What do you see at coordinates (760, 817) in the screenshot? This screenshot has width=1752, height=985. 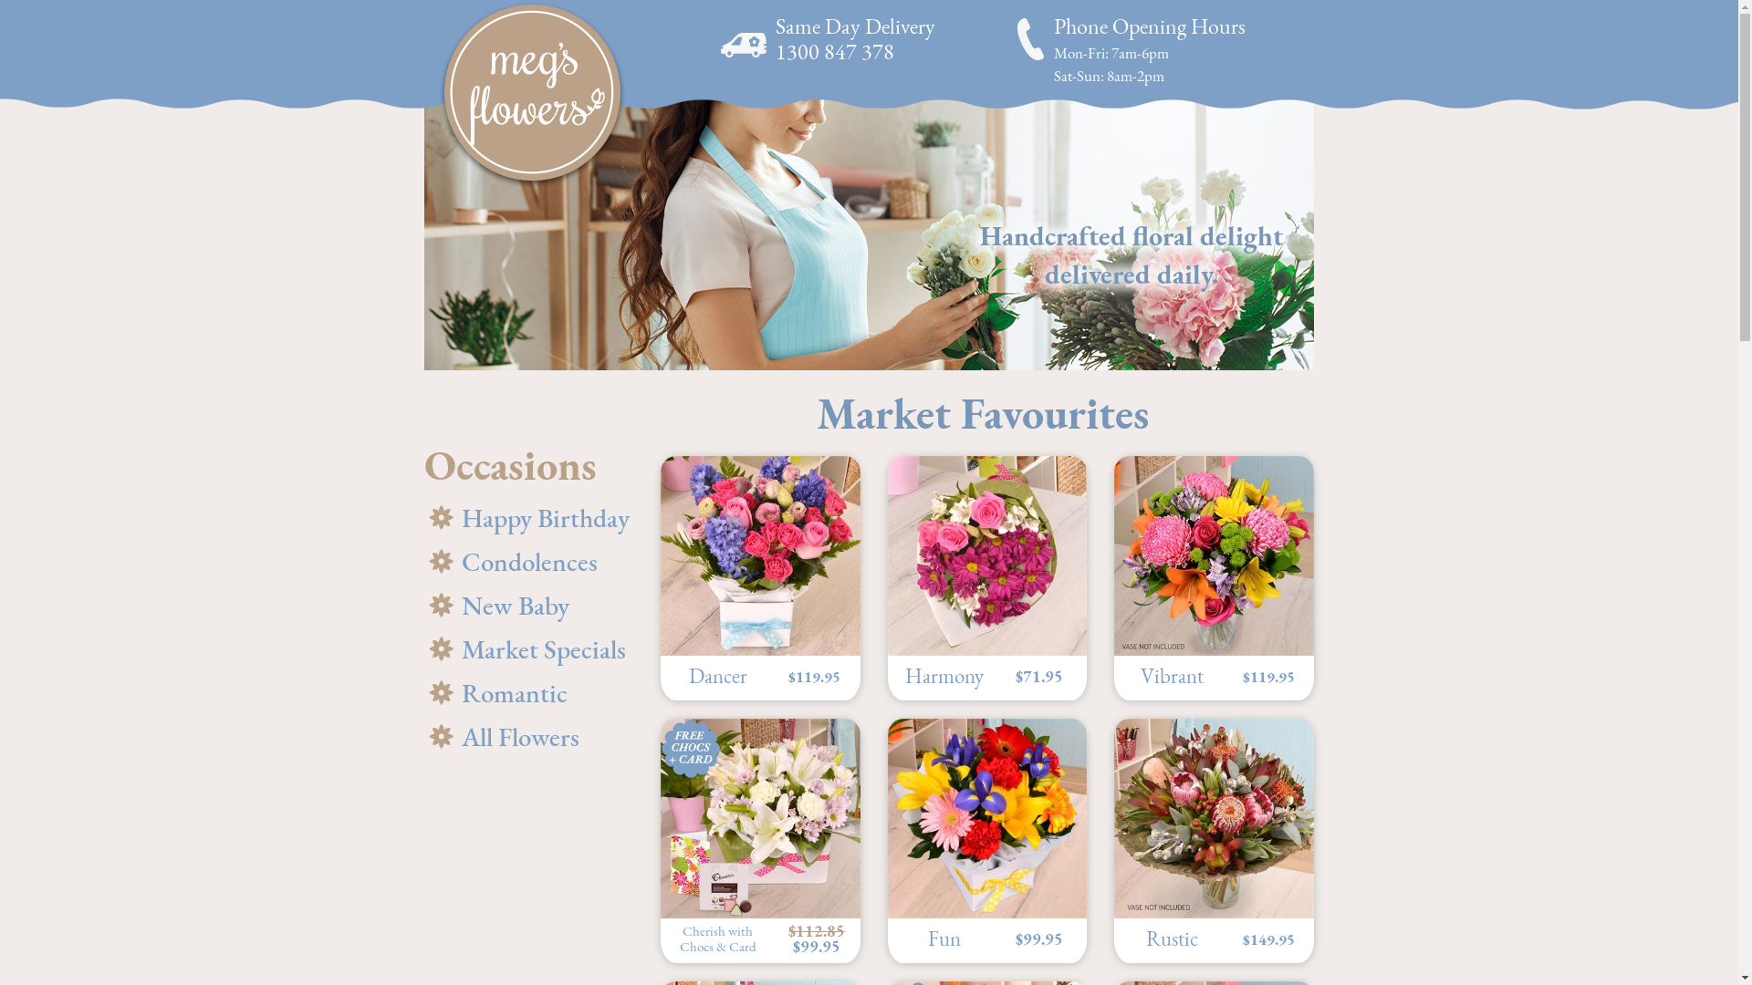 I see `'Cherish with Chocs & Card Flowers'` at bounding box center [760, 817].